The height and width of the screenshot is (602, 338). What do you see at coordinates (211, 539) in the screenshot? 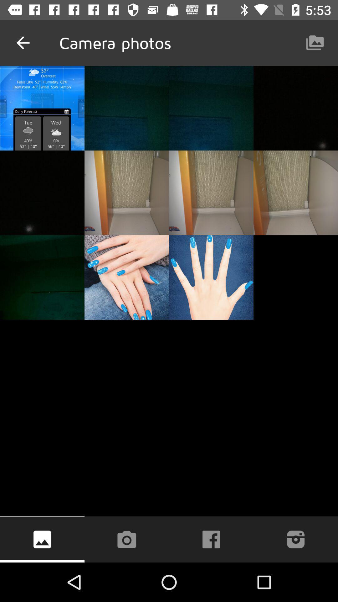
I see `the facebook icon` at bounding box center [211, 539].